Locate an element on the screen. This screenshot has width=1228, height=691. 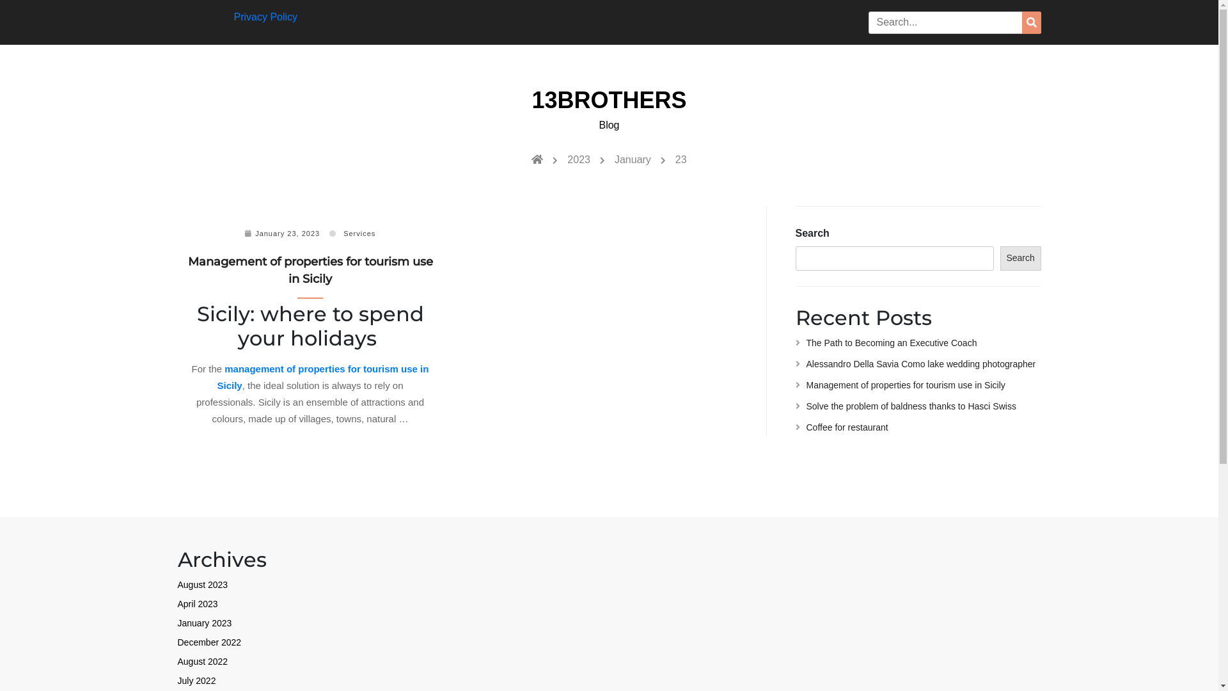
'Coffee for restaurant' is located at coordinates (842, 427).